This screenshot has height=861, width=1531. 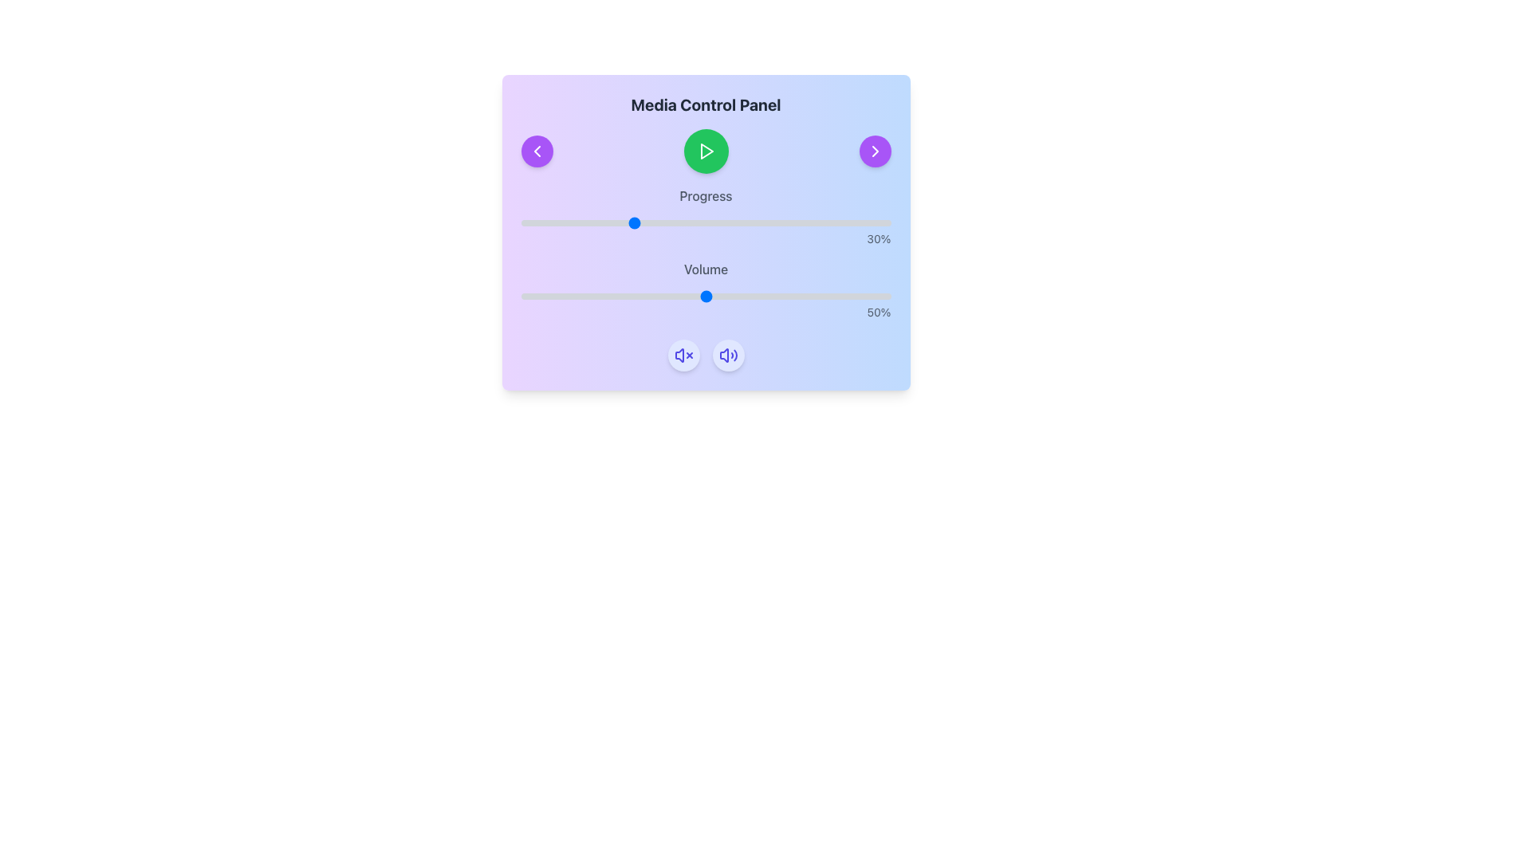 I want to click on the progress, so click(x=695, y=223).